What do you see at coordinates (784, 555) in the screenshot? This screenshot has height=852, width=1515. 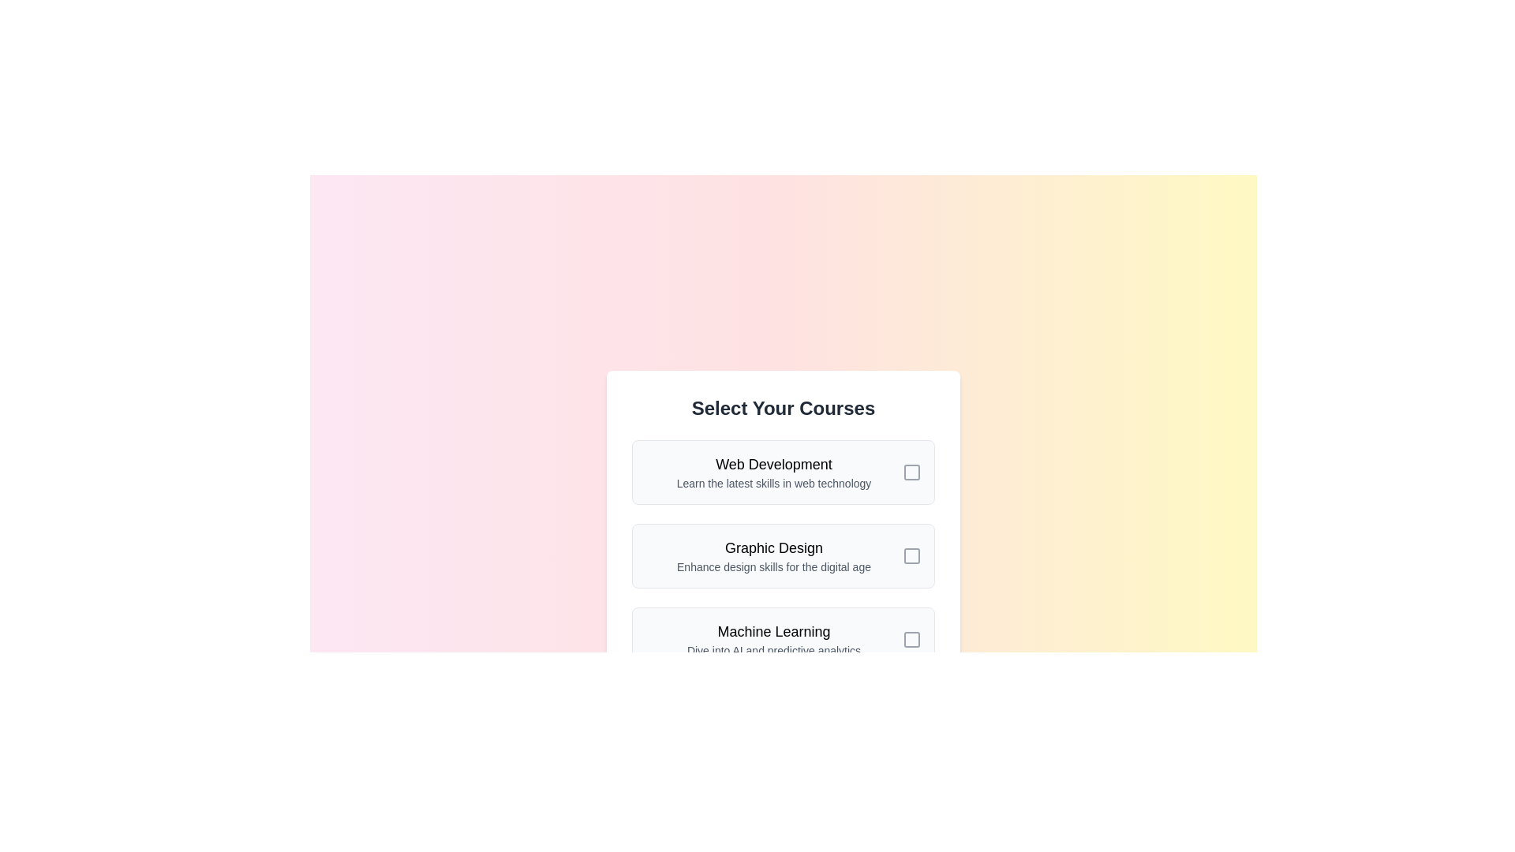 I see `the course item titled 'Graphic Design' to observe the visual feedback` at bounding box center [784, 555].